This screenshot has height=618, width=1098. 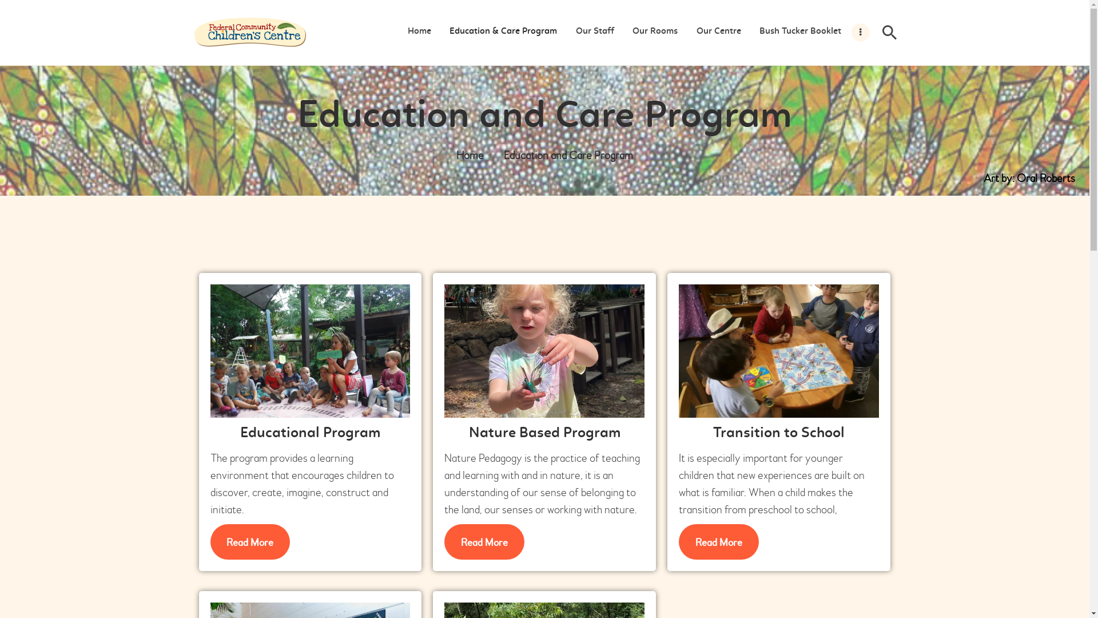 What do you see at coordinates (718, 541) in the screenshot?
I see `'Read More'` at bounding box center [718, 541].